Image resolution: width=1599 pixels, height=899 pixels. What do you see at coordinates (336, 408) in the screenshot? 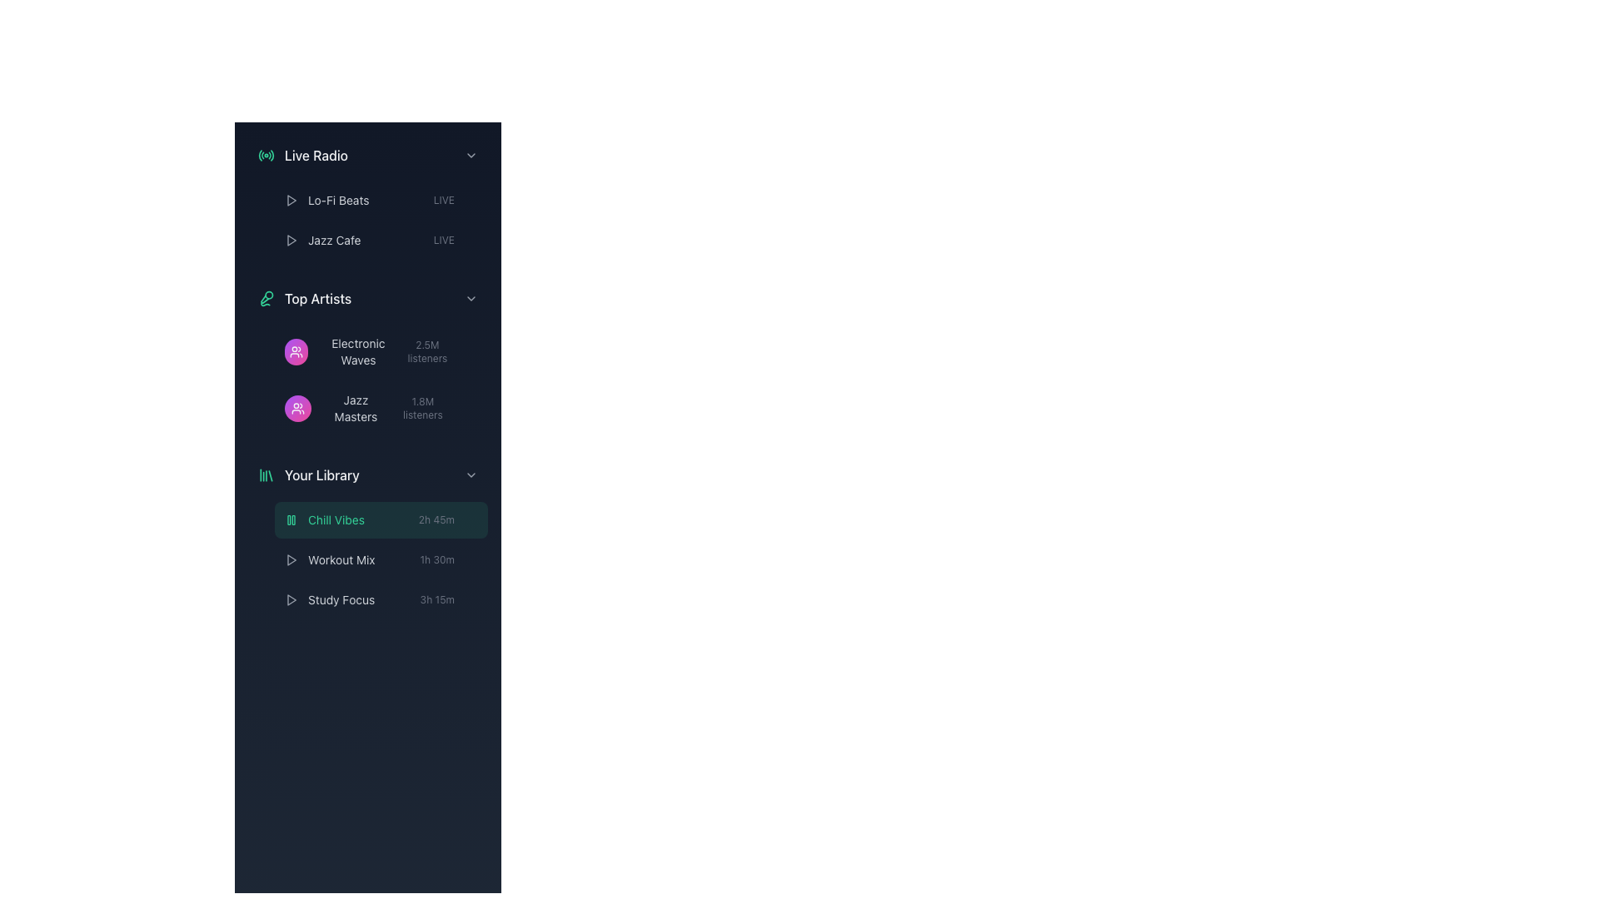
I see `the text label displaying 'Jazz Masters' located in the 'Top Artists' section of the left sidebar menu, which is styled with a smaller font size and light gray color, positioned next to a circular gradient icon` at bounding box center [336, 408].